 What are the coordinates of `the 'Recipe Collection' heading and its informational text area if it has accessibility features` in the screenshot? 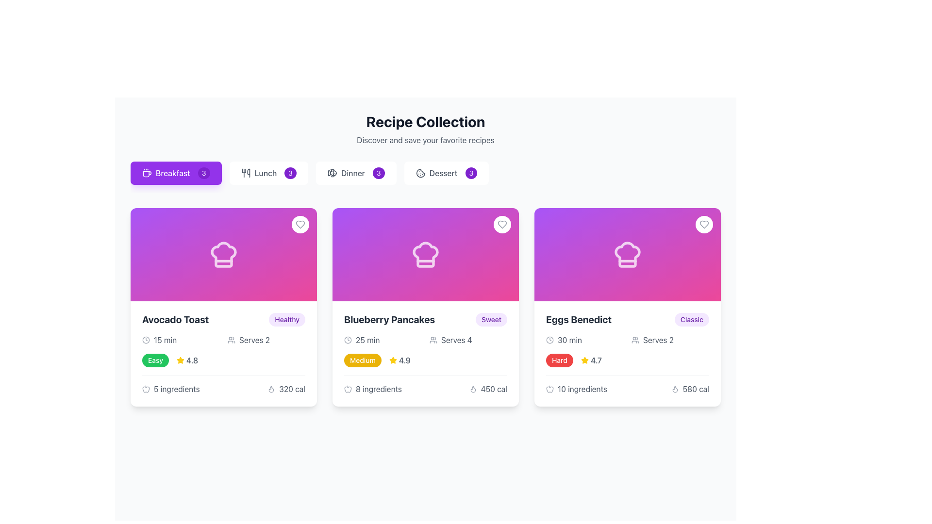 It's located at (426, 129).